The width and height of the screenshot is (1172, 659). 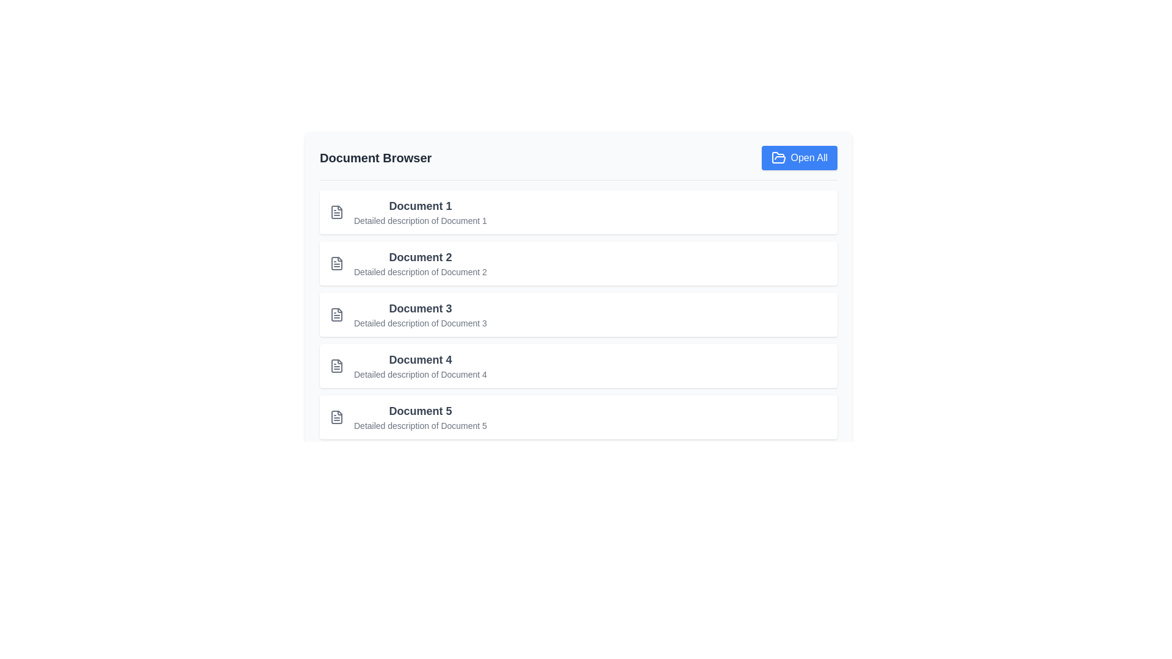 I want to click on the text label displaying 'Document 2', which is a bold, larger font, dark gray colored heading in the second list item of a document browser interface, so click(x=420, y=256).